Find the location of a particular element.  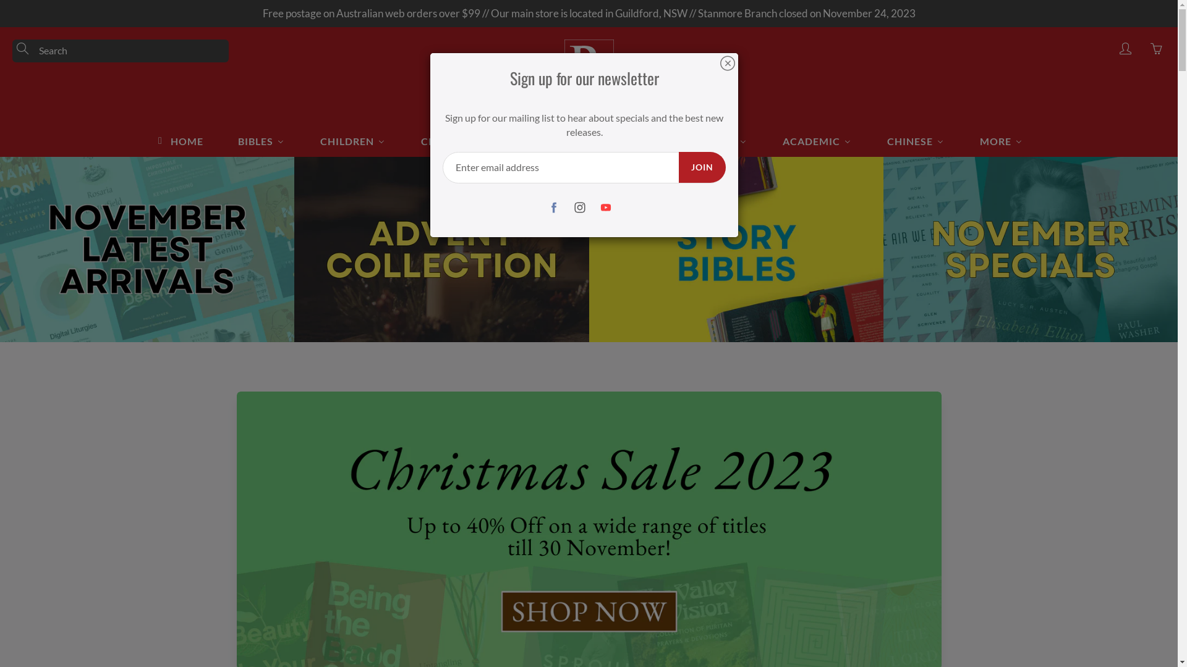

'HOME' is located at coordinates (177, 140).